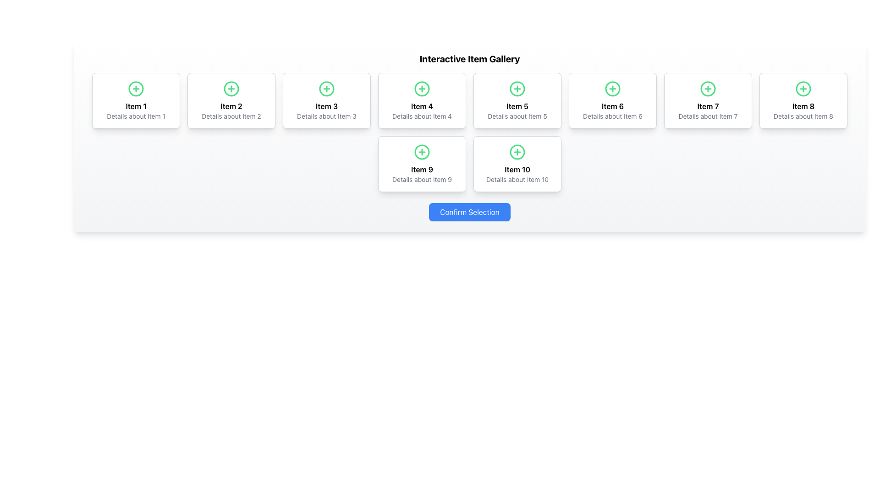 The height and width of the screenshot is (495, 880). I want to click on descriptive label located below 'Item 2' within its card in the second position of the grid layout, so click(231, 116).